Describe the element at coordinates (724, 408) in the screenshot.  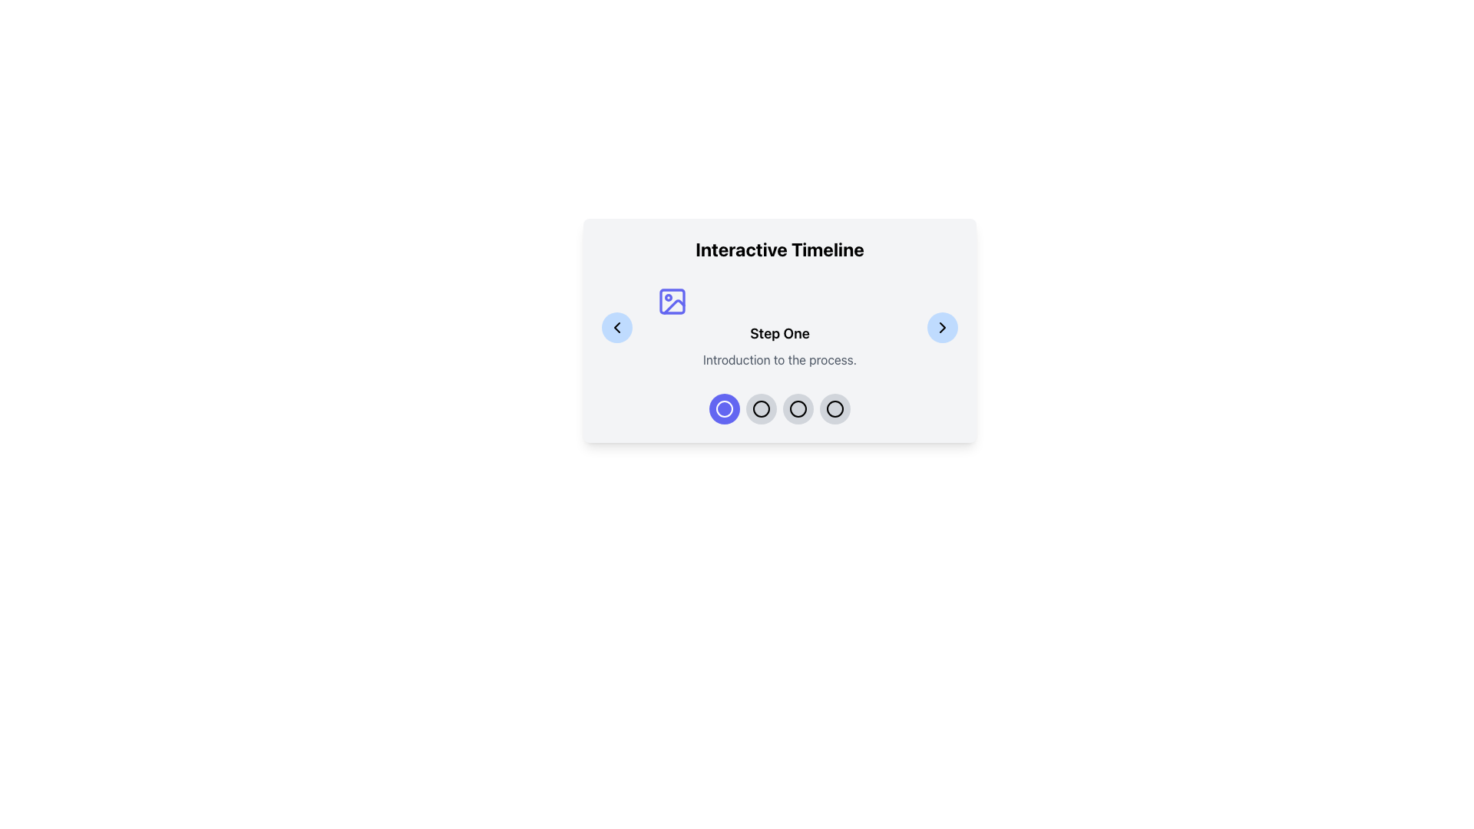
I see `the first circular navigation indicator, which is indigo colored and marks the current active step in the process` at that location.